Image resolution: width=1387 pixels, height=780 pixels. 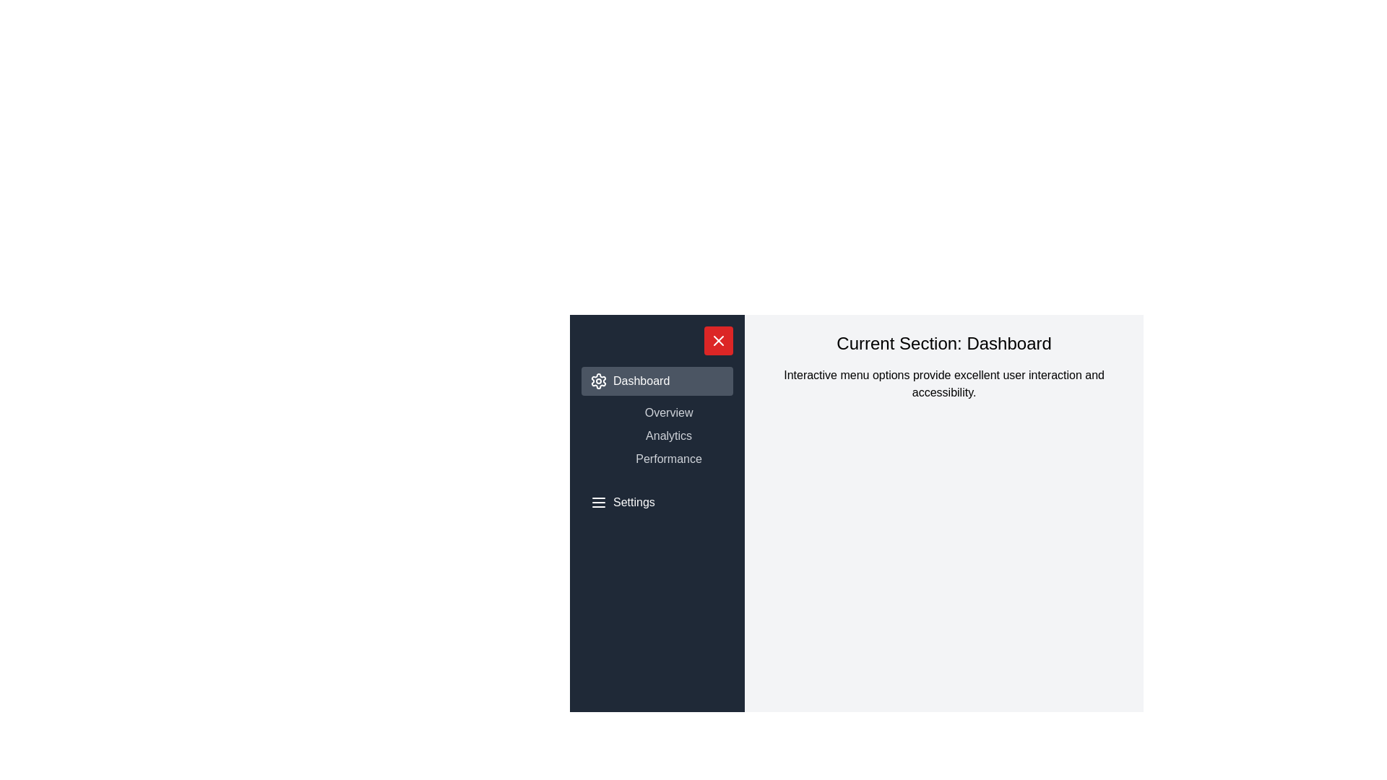 I want to click on the 'Overview' text entry in the sidebar menu to change its color for a visual cue, so click(x=668, y=412).